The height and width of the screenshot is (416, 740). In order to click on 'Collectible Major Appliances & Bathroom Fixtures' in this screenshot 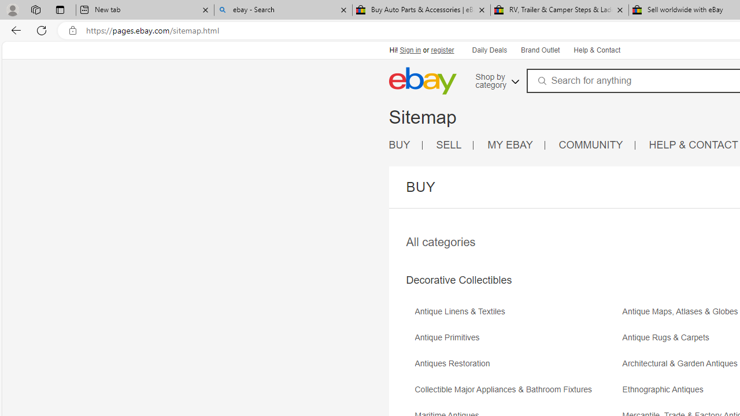, I will do `click(506, 389)`.